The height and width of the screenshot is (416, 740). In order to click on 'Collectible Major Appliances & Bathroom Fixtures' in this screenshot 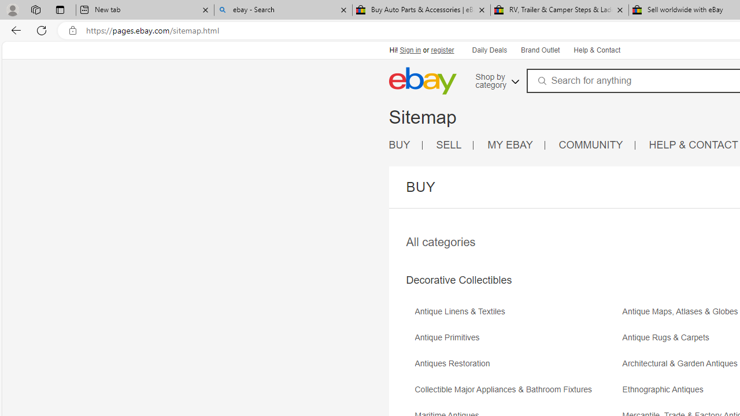, I will do `click(506, 389)`.